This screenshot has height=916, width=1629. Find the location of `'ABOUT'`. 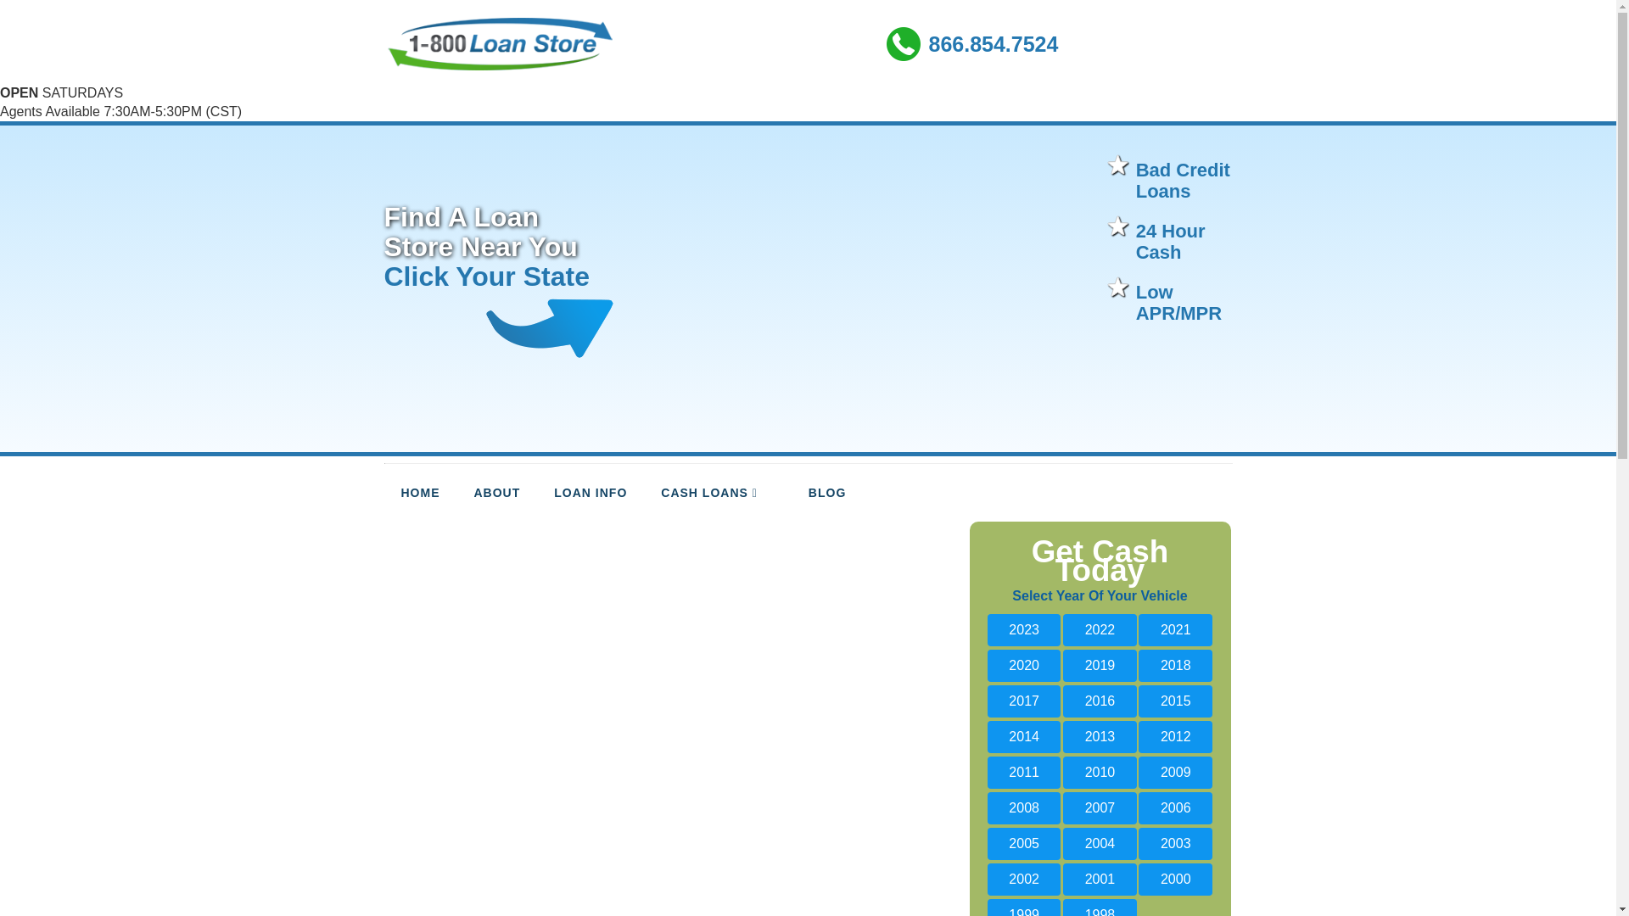

'ABOUT' is located at coordinates (495, 493).